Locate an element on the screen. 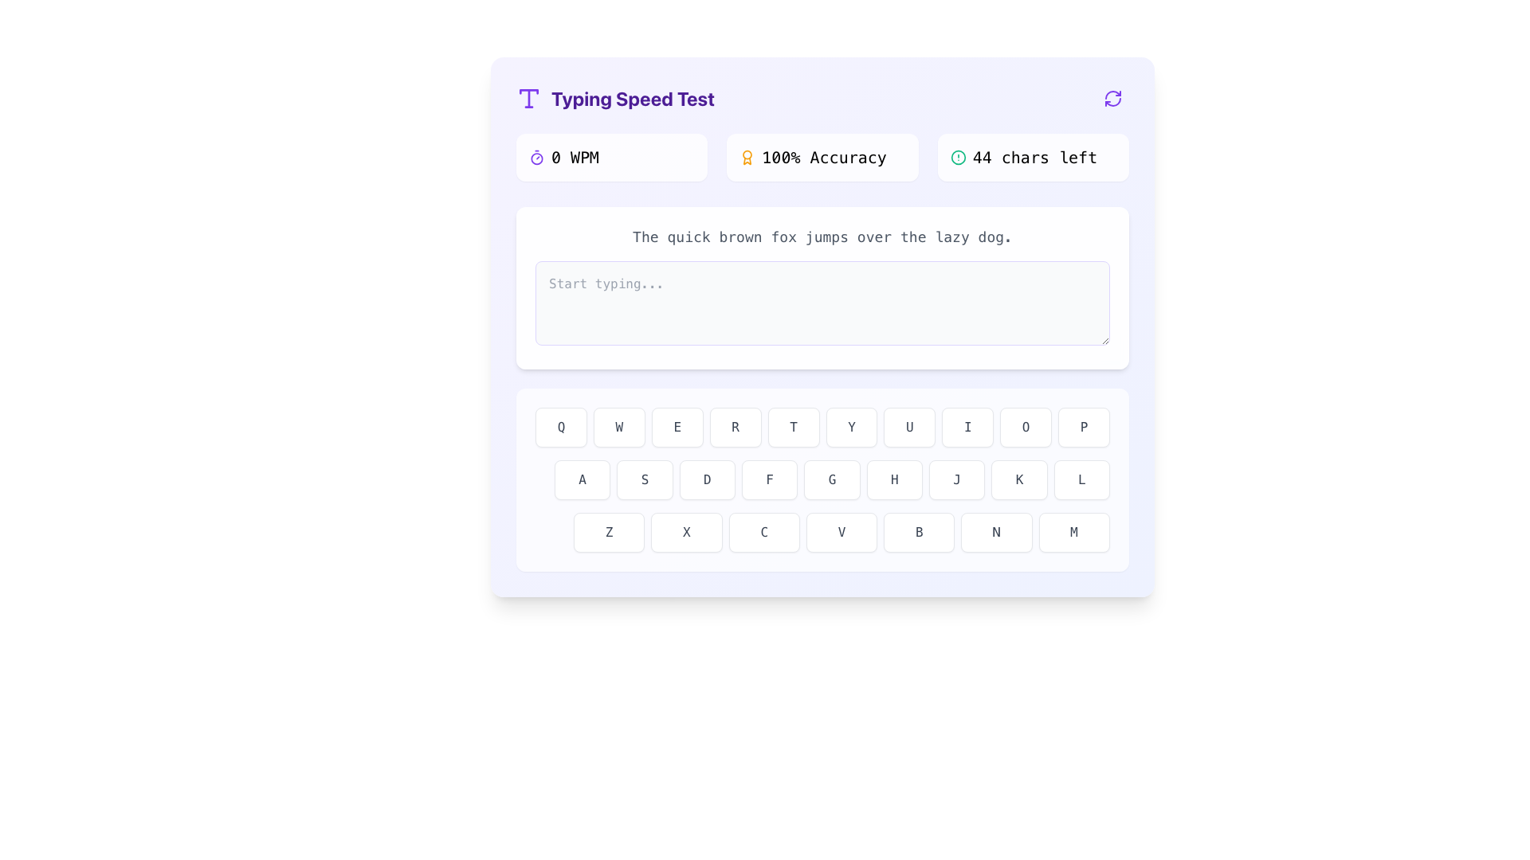 The height and width of the screenshot is (860, 1530). the circular refresh button with purple arrows located at the top-right corner of the interface header is located at coordinates (1112, 98).